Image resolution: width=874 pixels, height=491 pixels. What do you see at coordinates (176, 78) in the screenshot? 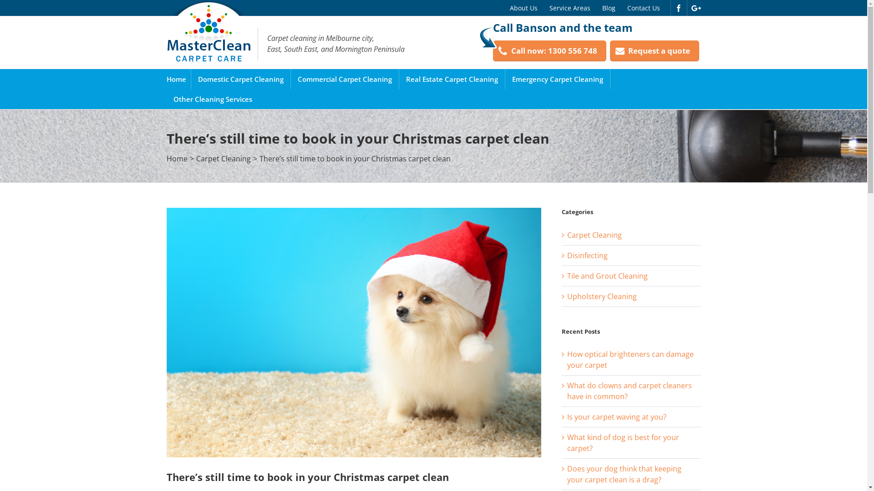
I see `'Home'` at bounding box center [176, 78].